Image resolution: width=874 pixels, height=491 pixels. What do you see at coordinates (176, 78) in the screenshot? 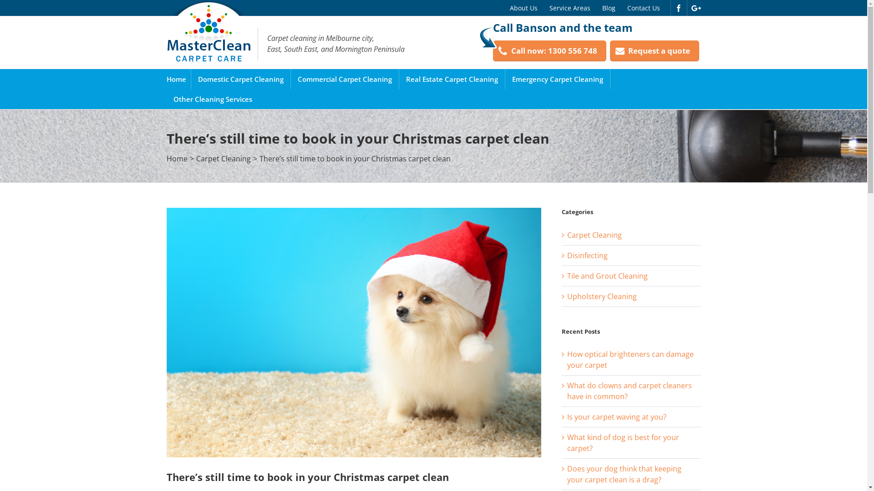
I see `'Home'` at bounding box center [176, 78].